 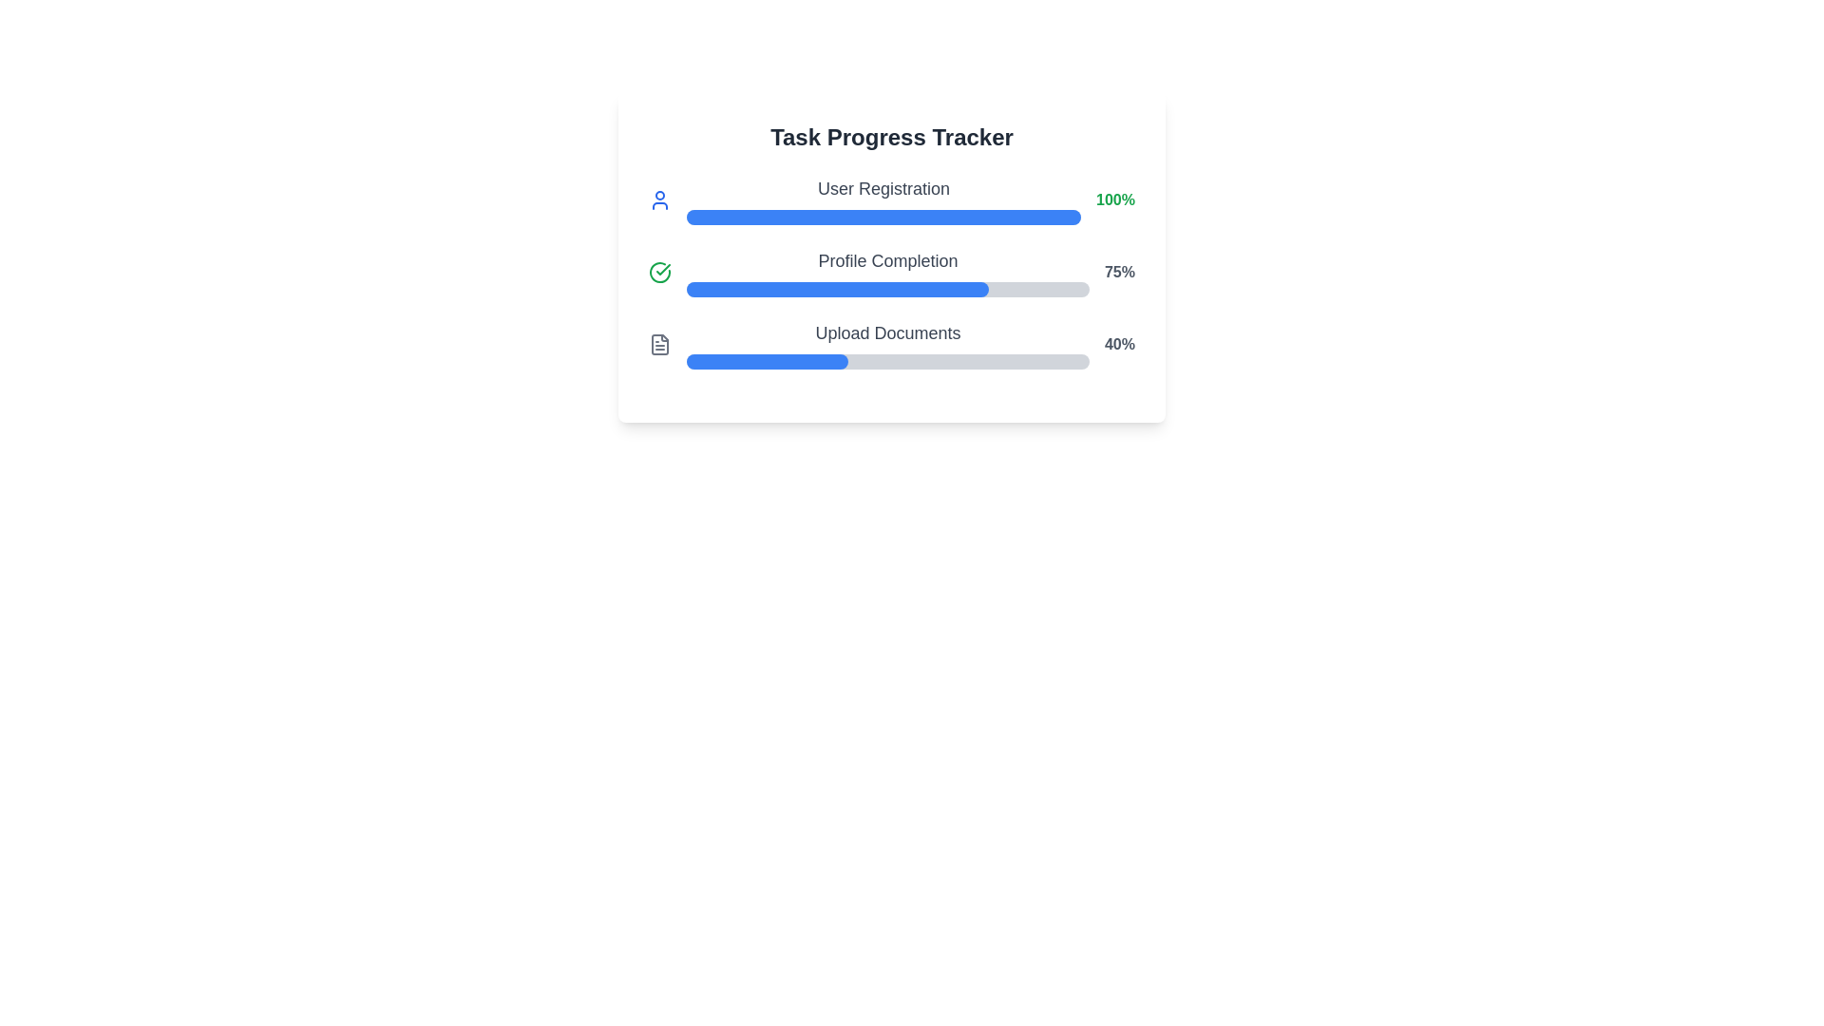 I want to click on the progress represented in the third progress bar for the 'Upload Documents' task, which visually indicates 40% completion, so click(x=887, y=344).